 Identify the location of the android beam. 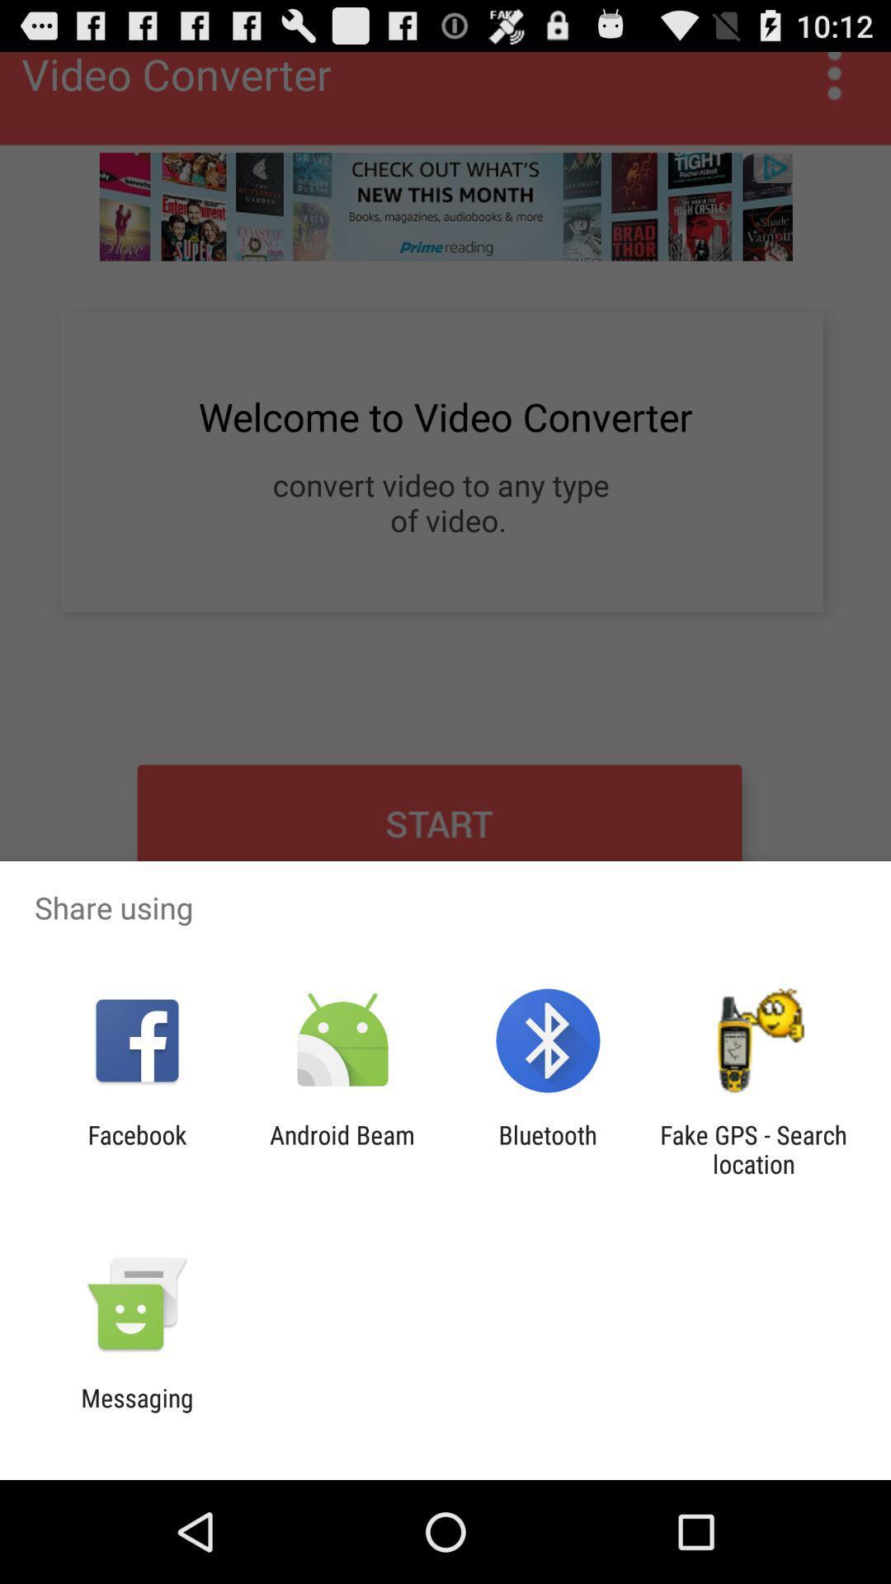
(342, 1148).